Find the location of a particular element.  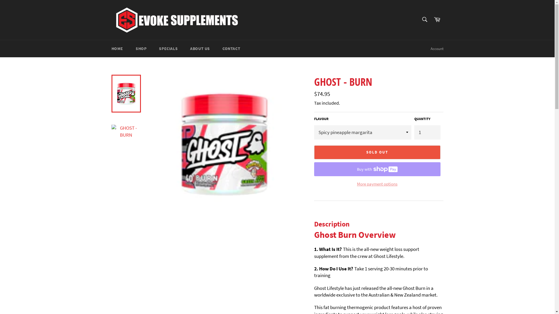

'Cart' is located at coordinates (437, 19).